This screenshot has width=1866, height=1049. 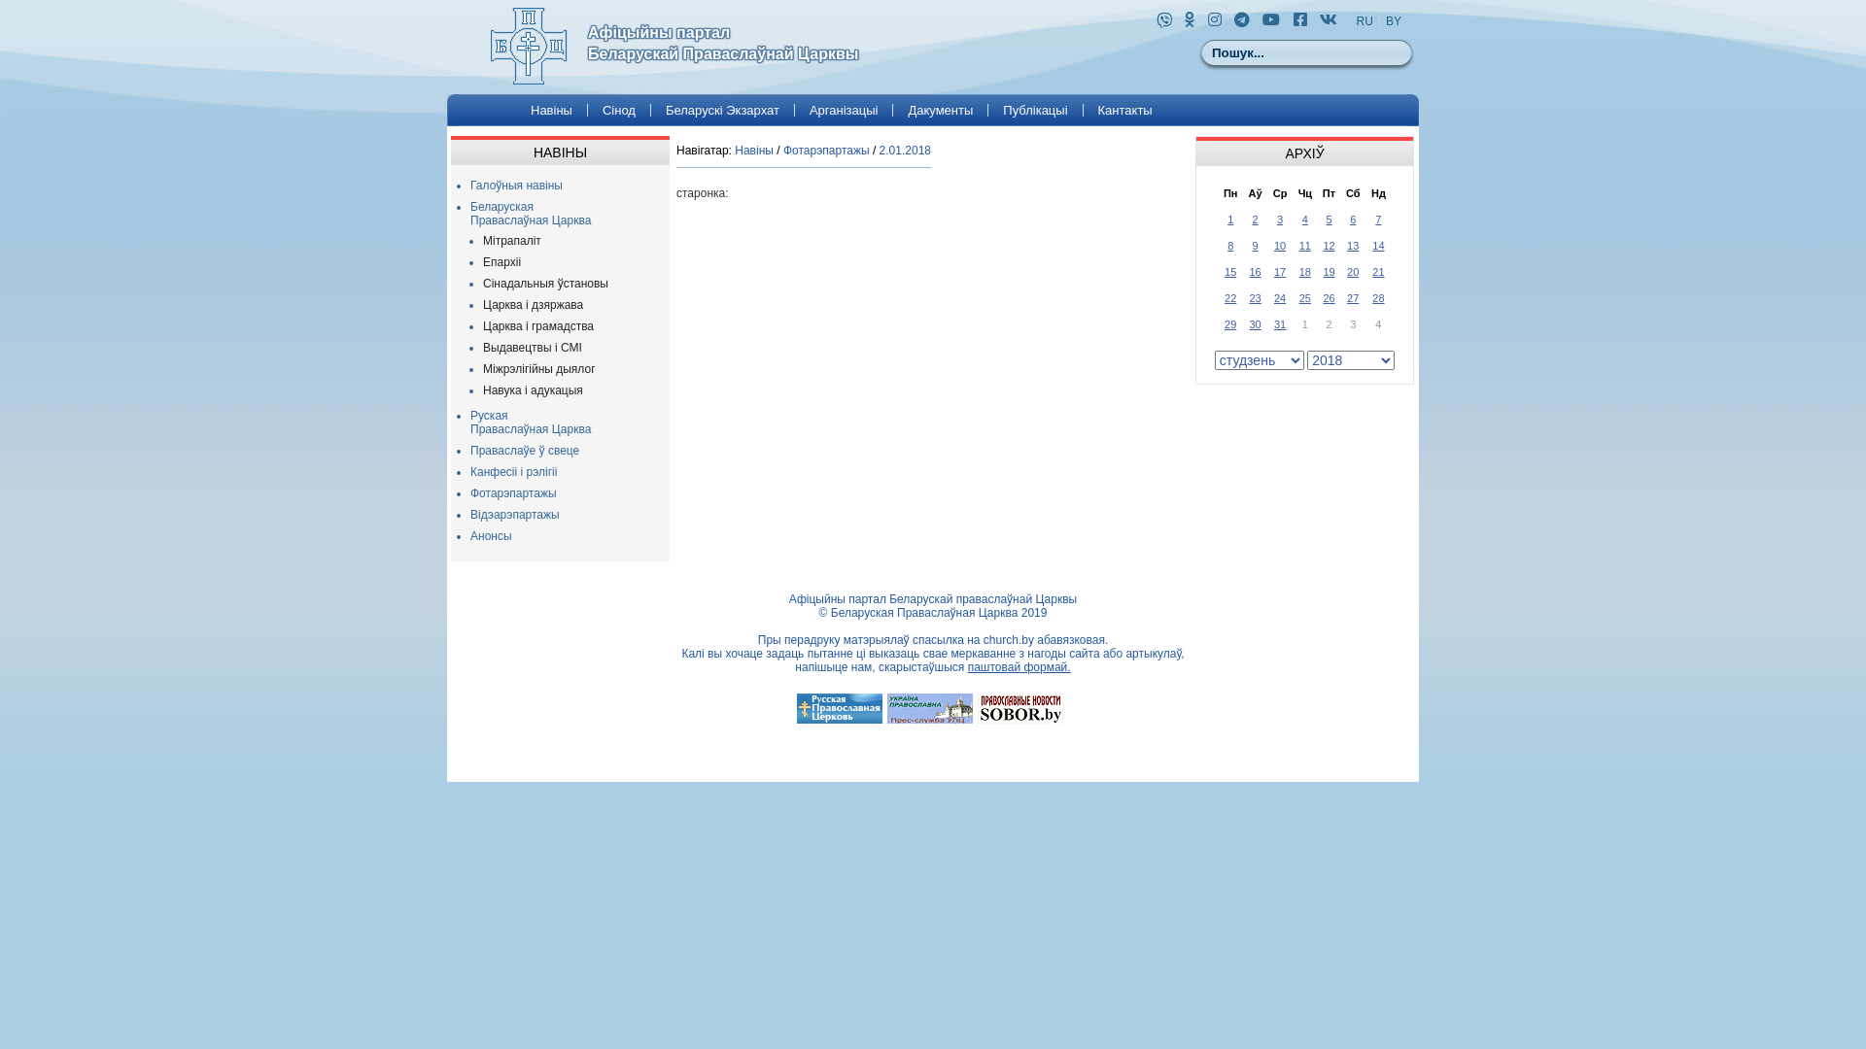 I want to click on 'church.by', so click(x=1008, y=640).